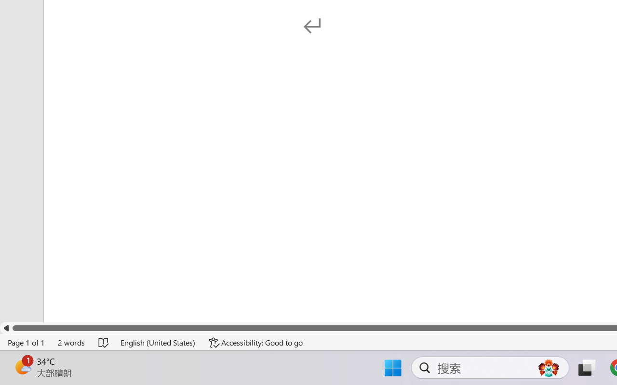 The height and width of the screenshot is (385, 617). I want to click on 'Accessibility Checker Accessibility: Good to go', so click(256, 342).